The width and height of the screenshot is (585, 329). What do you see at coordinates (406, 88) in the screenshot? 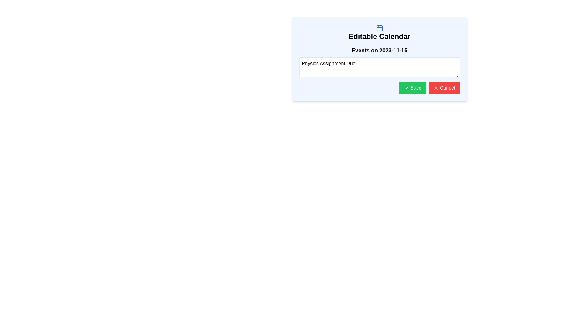
I see `the confirmation icon that visually represents the functionality of saving an action, located to the left of the 'Save' button and centralized vertically within it` at bounding box center [406, 88].